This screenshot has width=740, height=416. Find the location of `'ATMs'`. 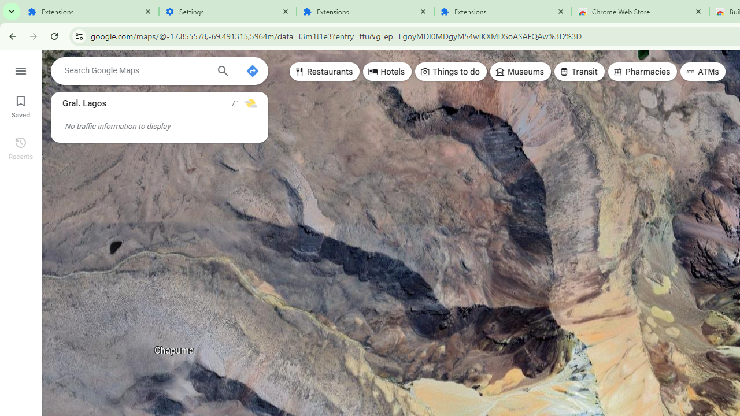

'ATMs' is located at coordinates (702, 72).